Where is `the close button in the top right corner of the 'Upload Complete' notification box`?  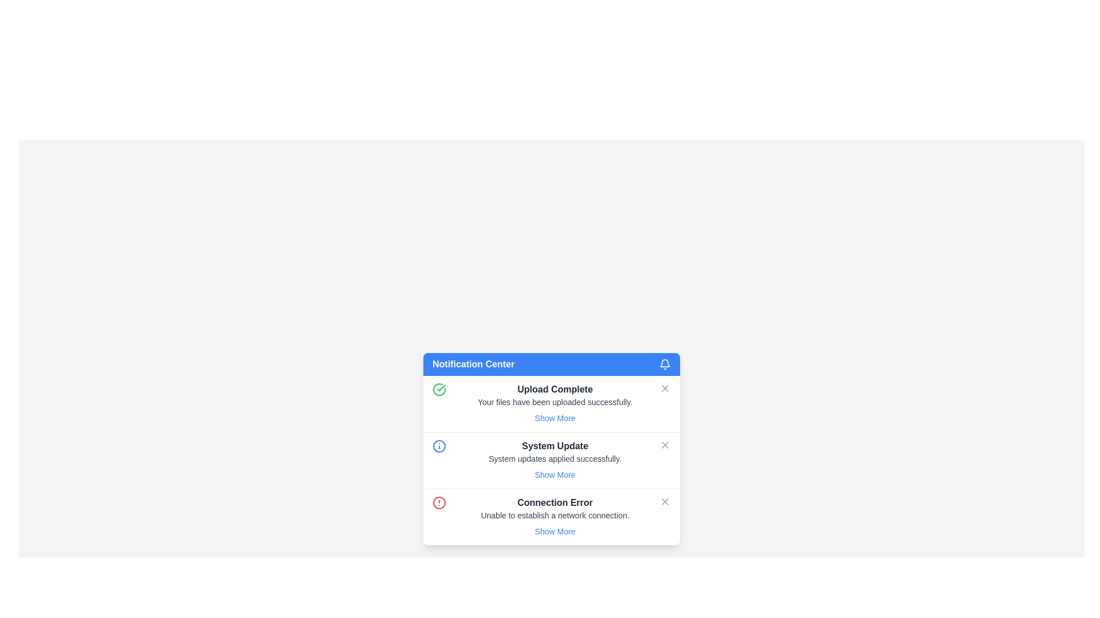
the close button in the top right corner of the 'Upload Complete' notification box is located at coordinates (665, 387).